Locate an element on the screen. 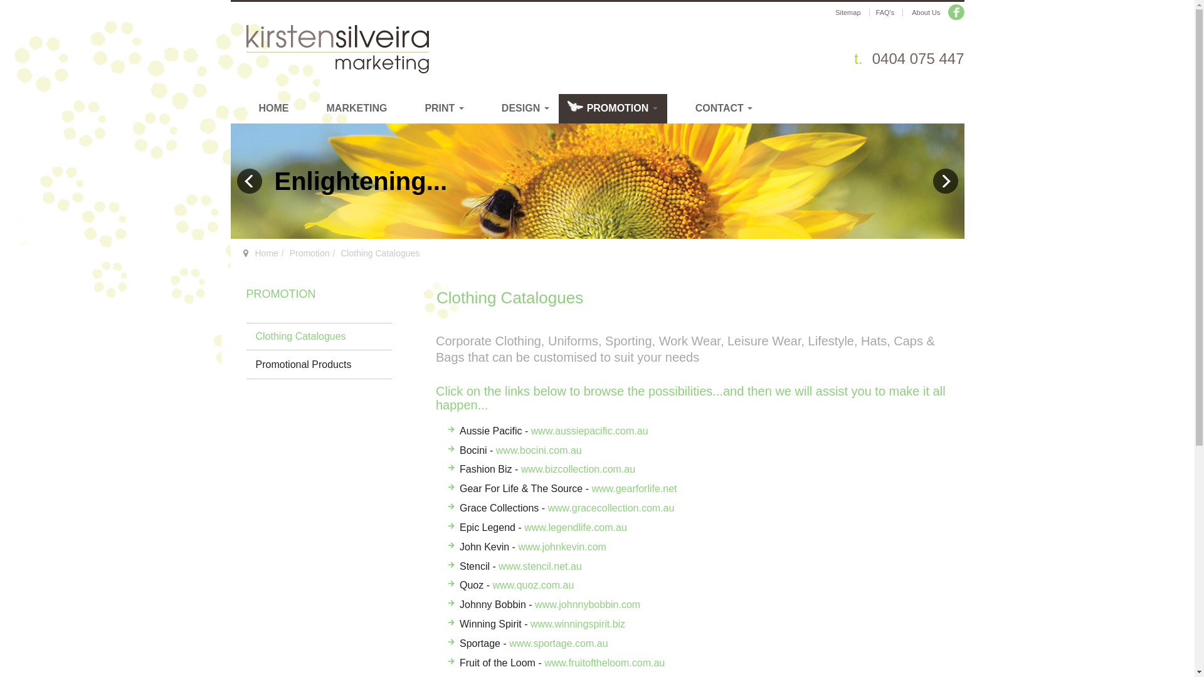 The width and height of the screenshot is (1204, 677). 'www.bizcollection.com.au' is located at coordinates (577, 469).